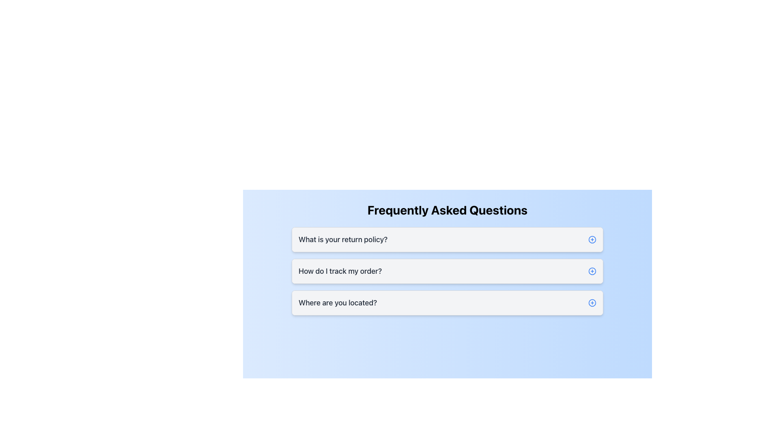 The width and height of the screenshot is (779, 438). What do you see at coordinates (340, 271) in the screenshot?
I see `the text label displaying the question 'How do I track my order?', which is styled with a medium-sized, bold font in dark gray color, located centrally in the second item of a vertical list of frequently asked questions` at bounding box center [340, 271].